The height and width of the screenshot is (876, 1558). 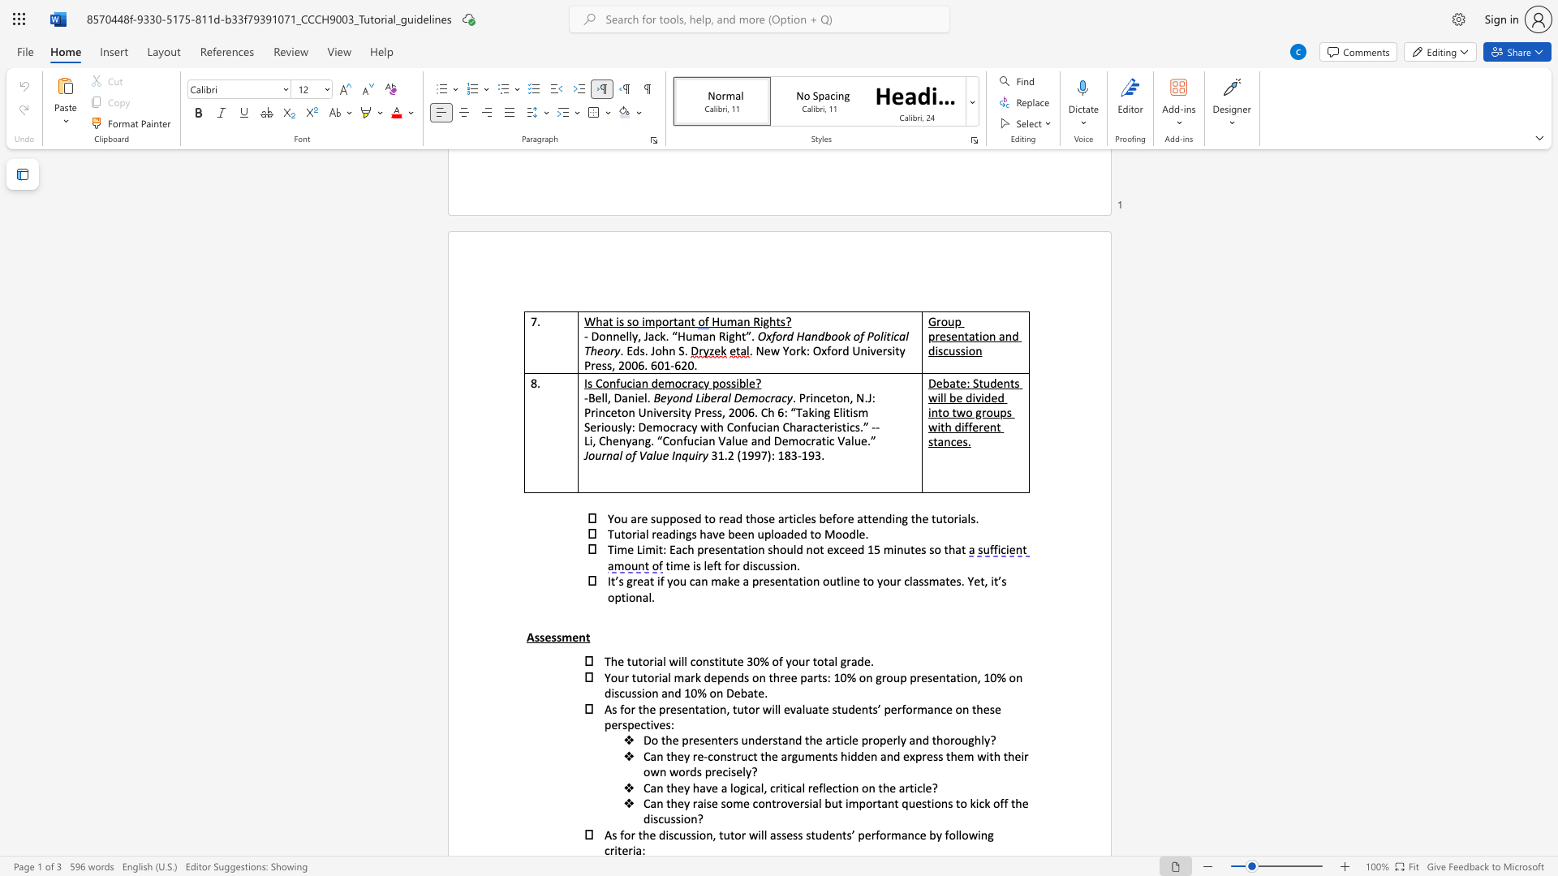 What do you see at coordinates (669, 661) in the screenshot?
I see `the subset text "will" within the text "The tutorial will"` at bounding box center [669, 661].